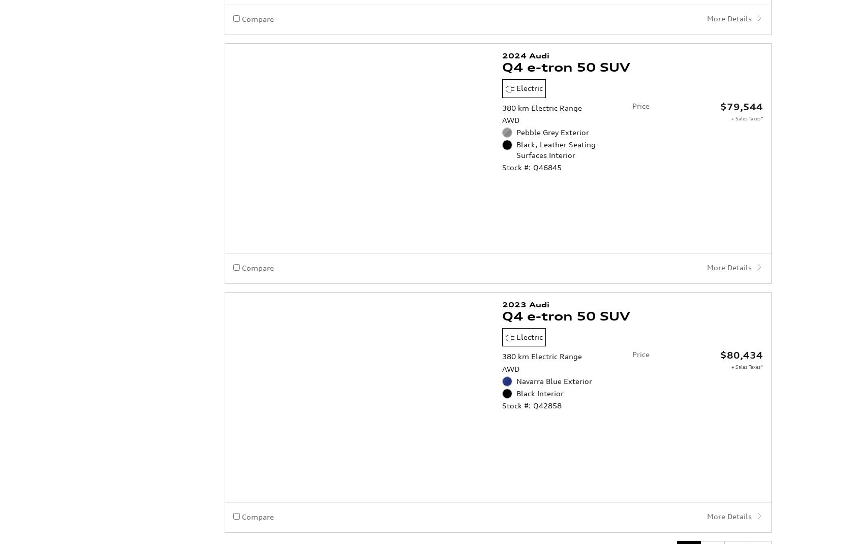 Image resolution: width=860 pixels, height=544 pixels. What do you see at coordinates (540, 311) in the screenshot?
I see `'Black Interior'` at bounding box center [540, 311].